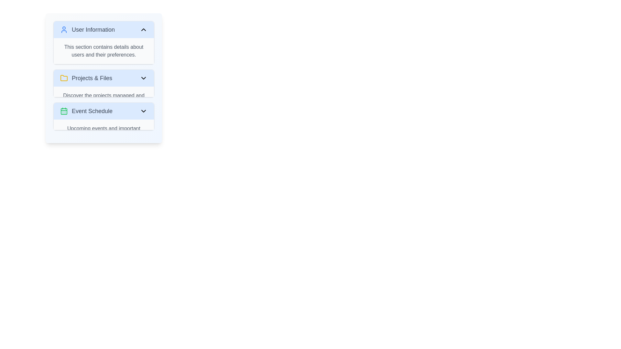  Describe the element at coordinates (104, 111) in the screenshot. I see `the 'Event Schedule' toggle button` at that location.